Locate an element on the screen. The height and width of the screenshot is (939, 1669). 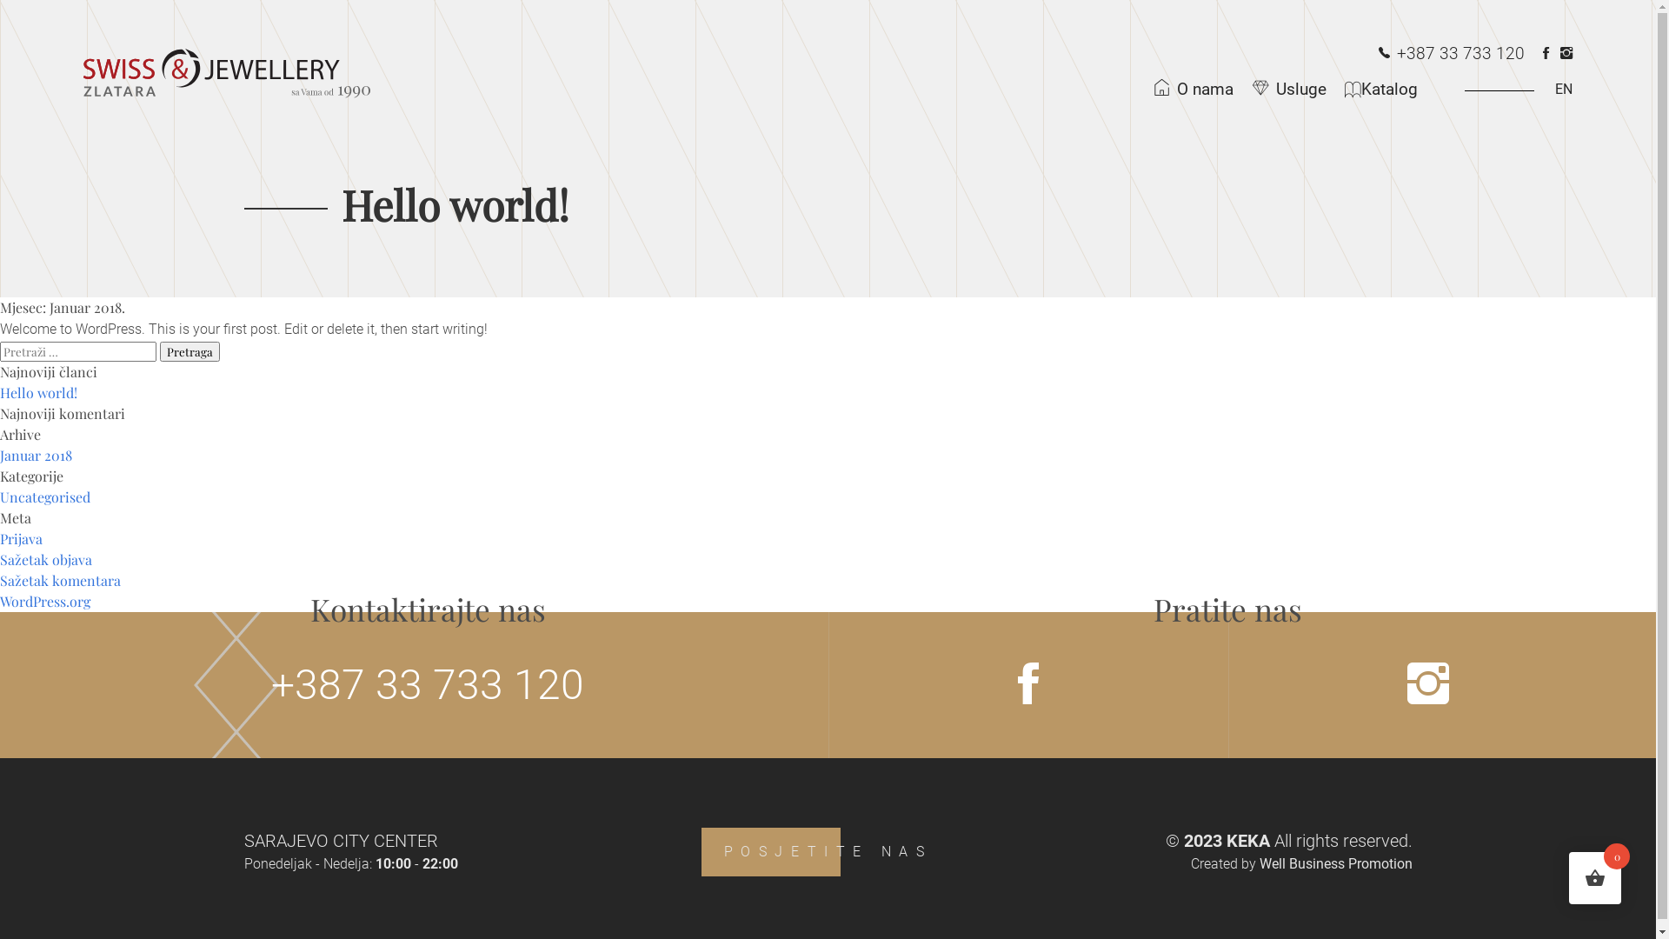
'Januar 2018' is located at coordinates (36, 454).